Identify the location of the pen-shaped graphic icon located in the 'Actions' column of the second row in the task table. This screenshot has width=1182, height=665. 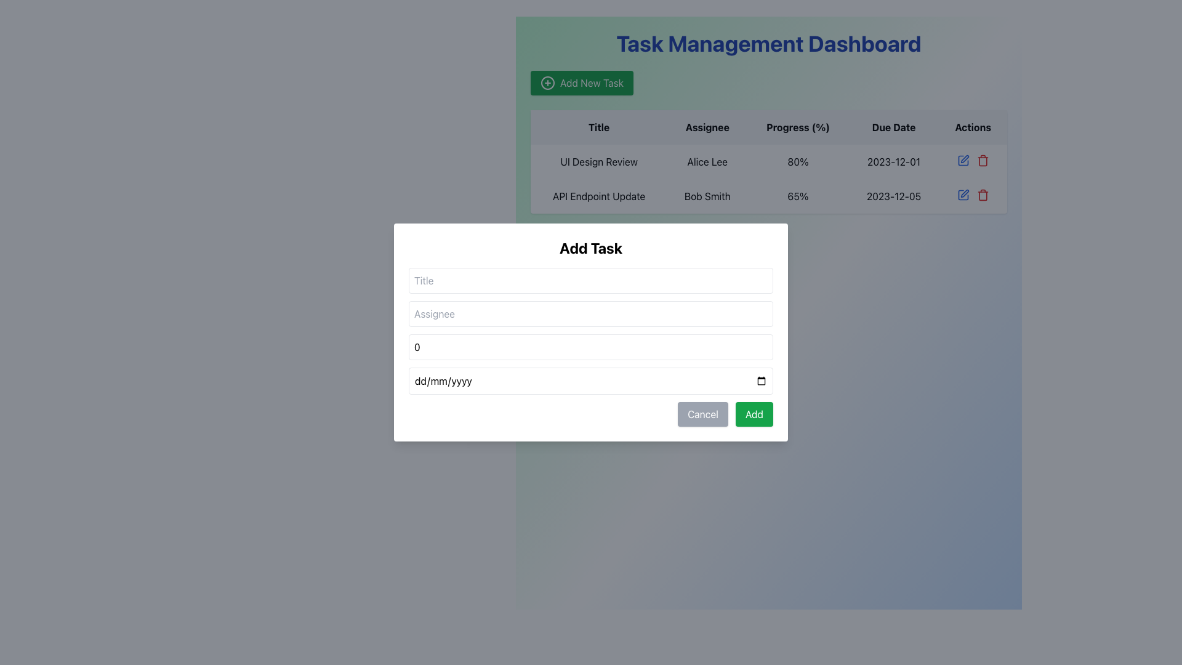
(964, 193).